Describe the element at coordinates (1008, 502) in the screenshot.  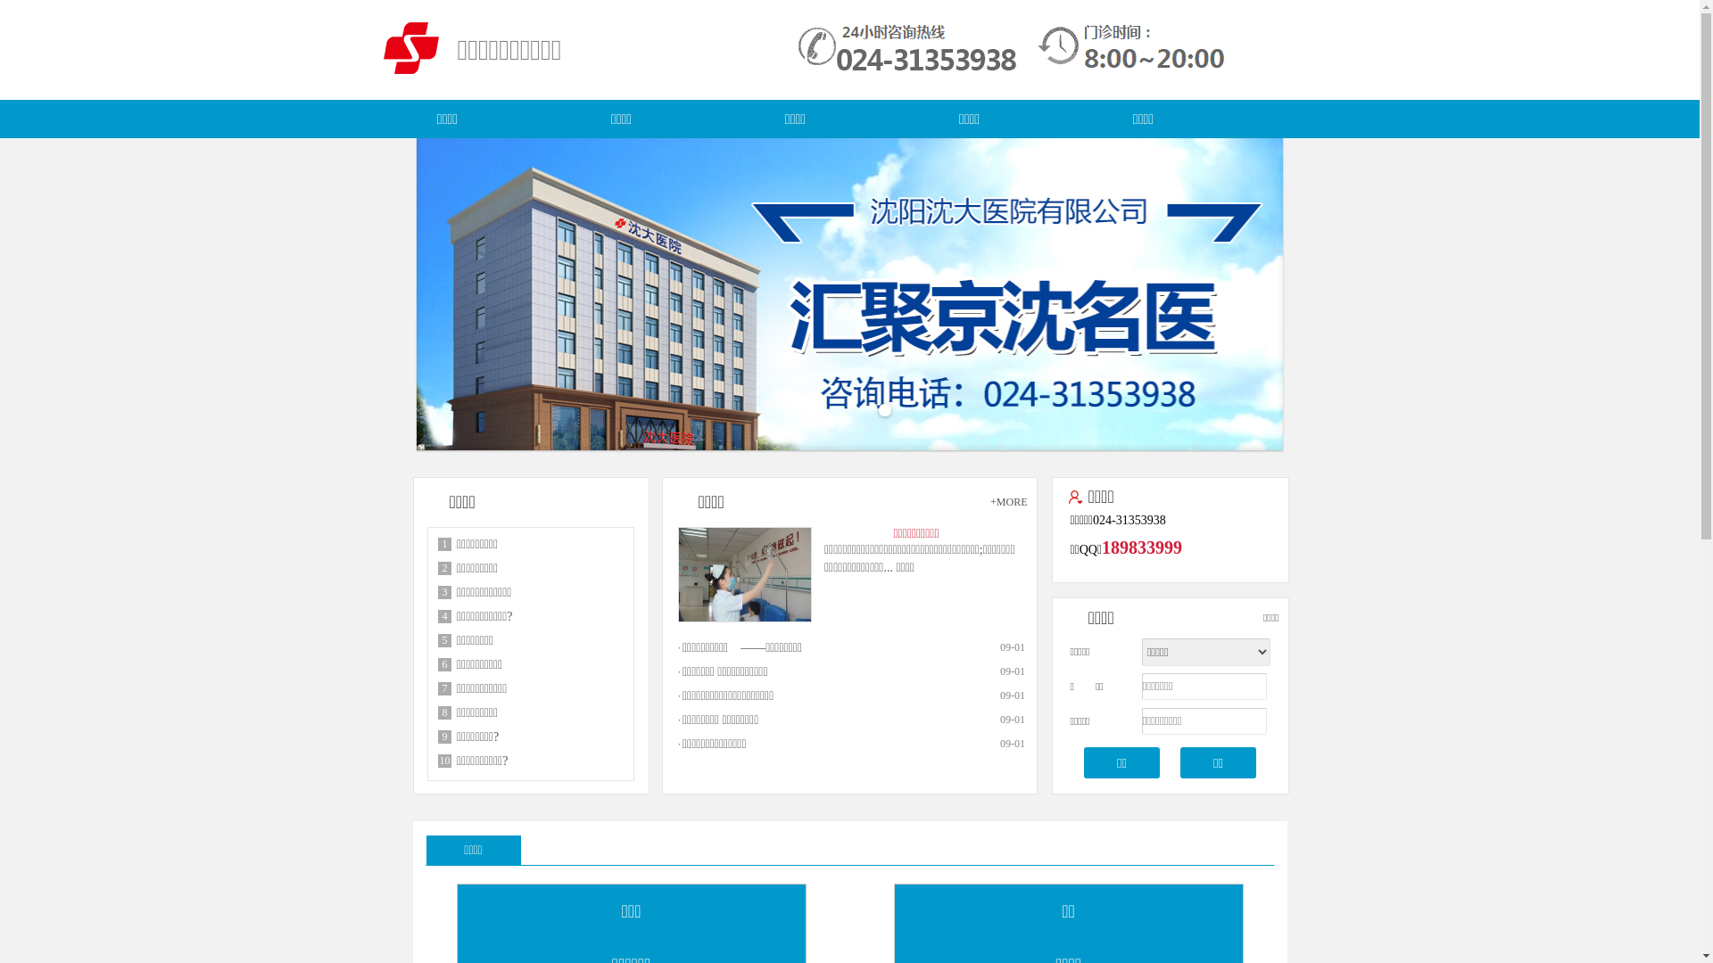
I see `'+MORE'` at that location.